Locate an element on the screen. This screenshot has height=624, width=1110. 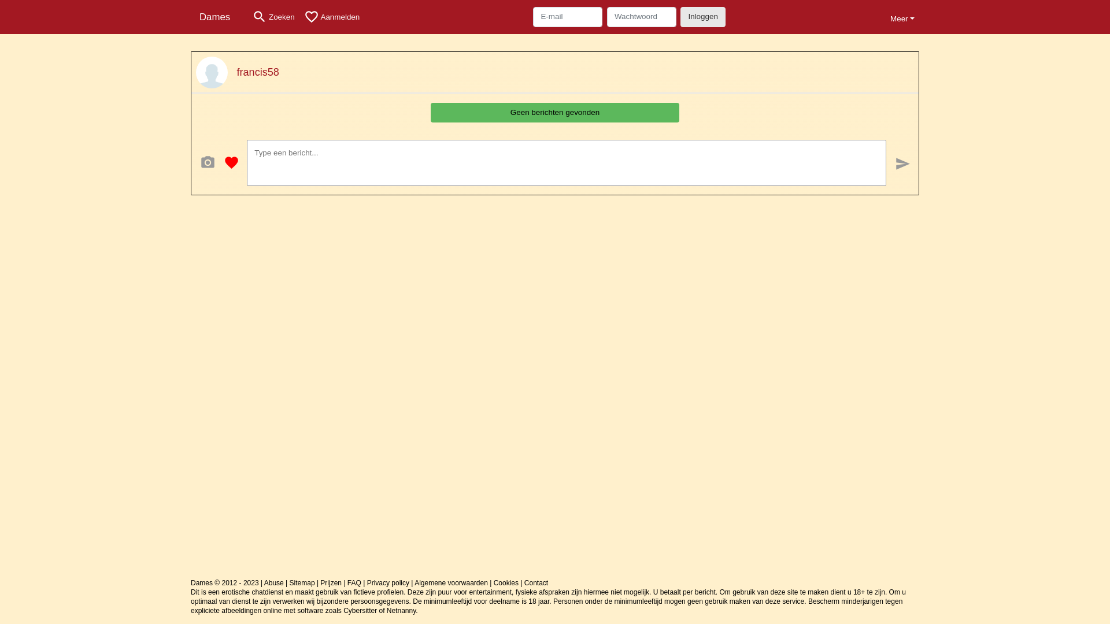
'francis58' is located at coordinates (257, 70).